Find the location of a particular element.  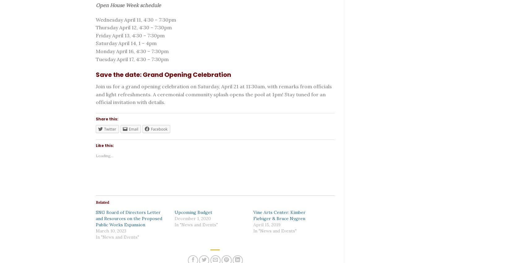

'Twitter' is located at coordinates (110, 129).